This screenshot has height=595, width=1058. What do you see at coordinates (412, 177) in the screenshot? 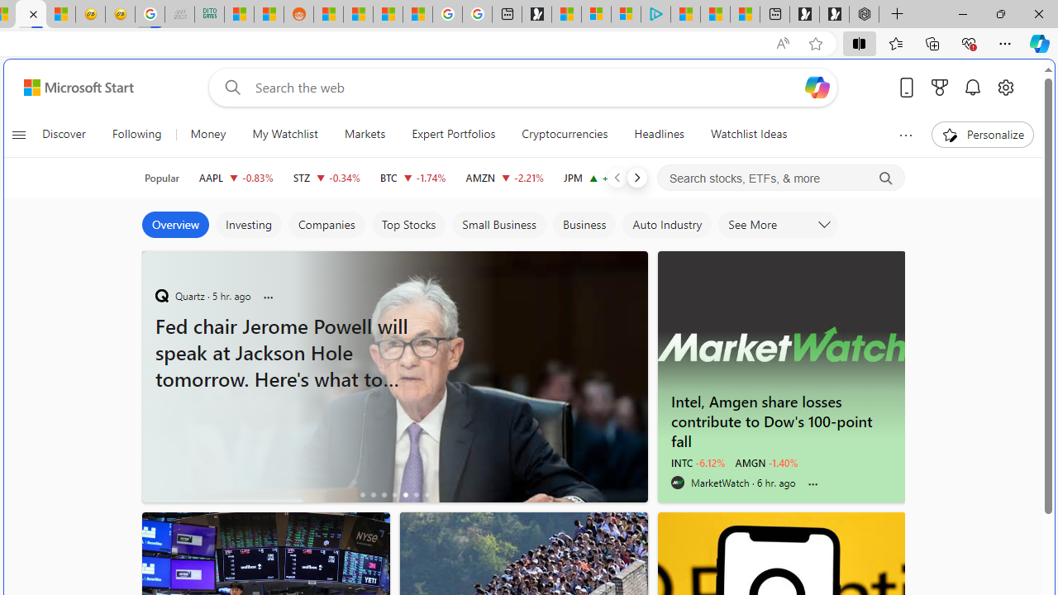
I see `'BTC Bitcoin decrease 60,359.26 -1,049.65 -1.74%'` at bounding box center [412, 177].